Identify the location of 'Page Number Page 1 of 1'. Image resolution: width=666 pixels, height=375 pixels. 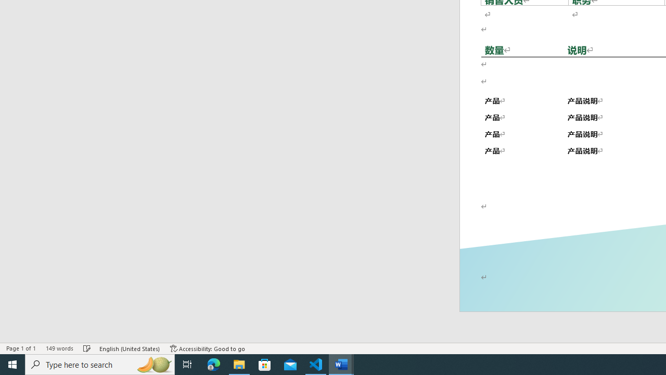
(21, 348).